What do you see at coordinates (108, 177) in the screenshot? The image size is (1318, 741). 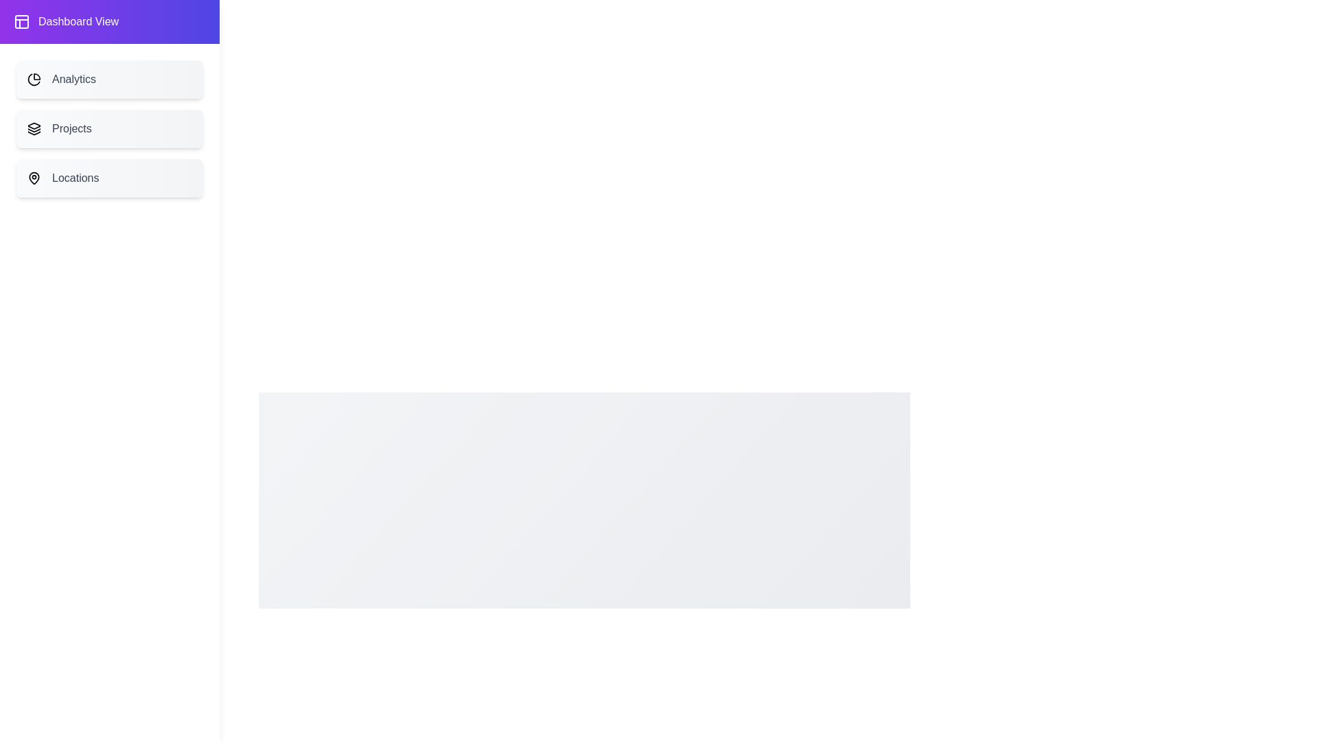 I see `the menu item Locations to observe visual feedback` at bounding box center [108, 177].